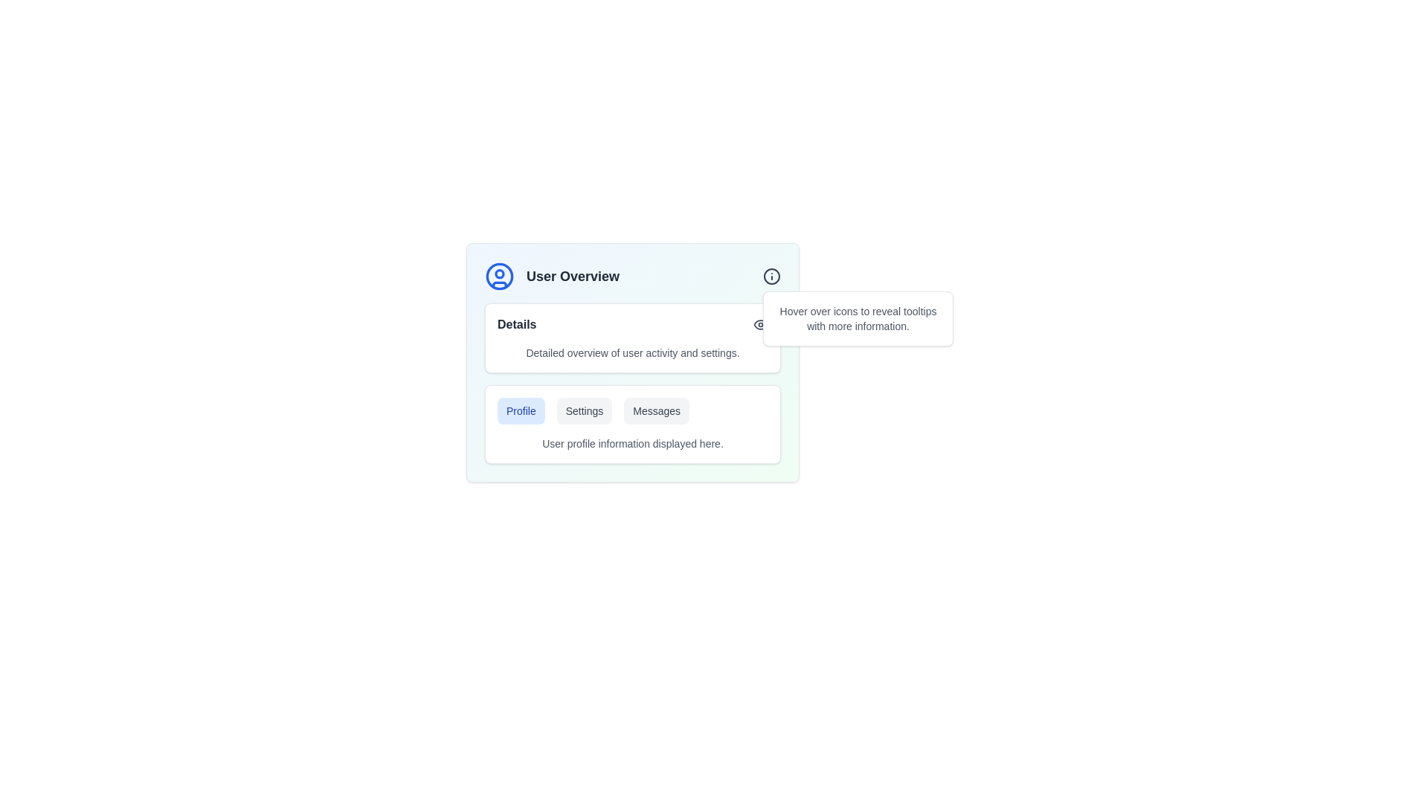 The width and height of the screenshot is (1428, 803). What do you see at coordinates (771, 276) in the screenshot?
I see `the SVG circle element that forms the outer boundary of the 'info' icon located at the top-right corner of the 'User Overview' card` at bounding box center [771, 276].